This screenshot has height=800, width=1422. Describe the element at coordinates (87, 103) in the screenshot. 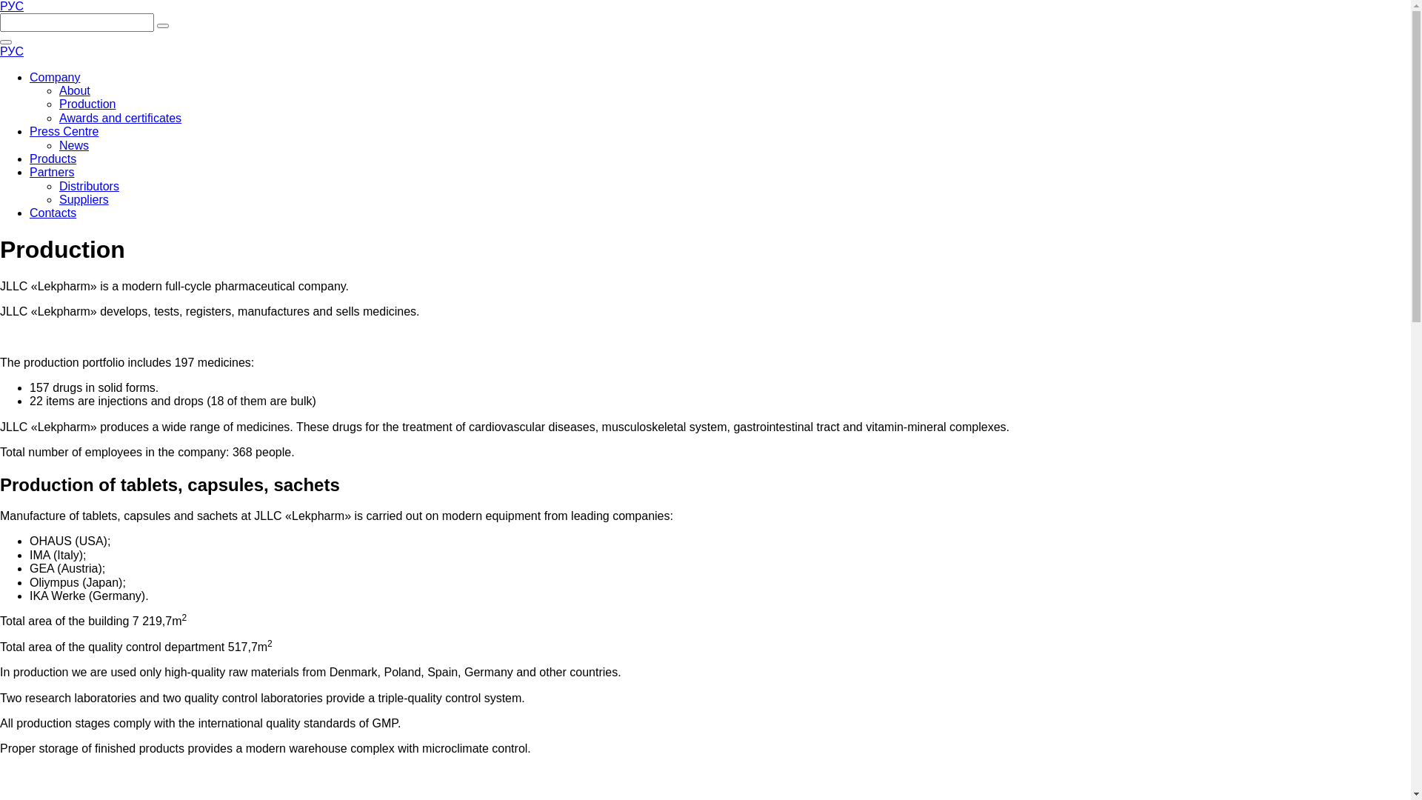

I see `'Production'` at that location.